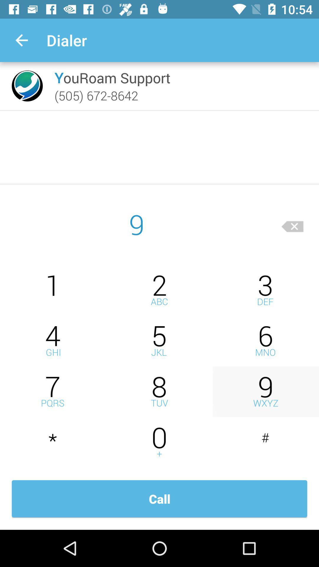 The image size is (319, 567). What do you see at coordinates (159, 392) in the screenshot?
I see `number 8 icon` at bounding box center [159, 392].